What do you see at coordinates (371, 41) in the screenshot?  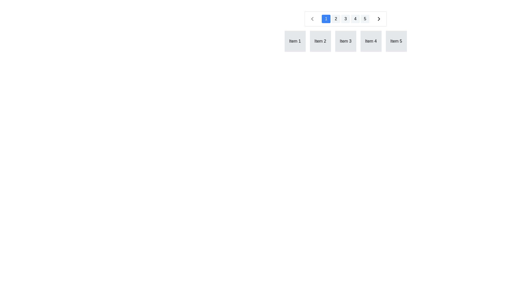 I see `the Text Display Box that has a light gray background and displays 'Item 4'` at bounding box center [371, 41].